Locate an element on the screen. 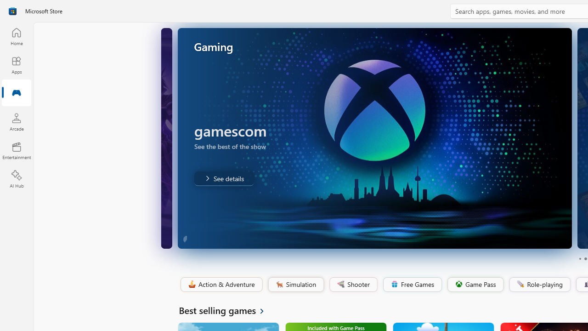 The width and height of the screenshot is (588, 331). 'See all  Best selling games' is located at coordinates (227, 310).